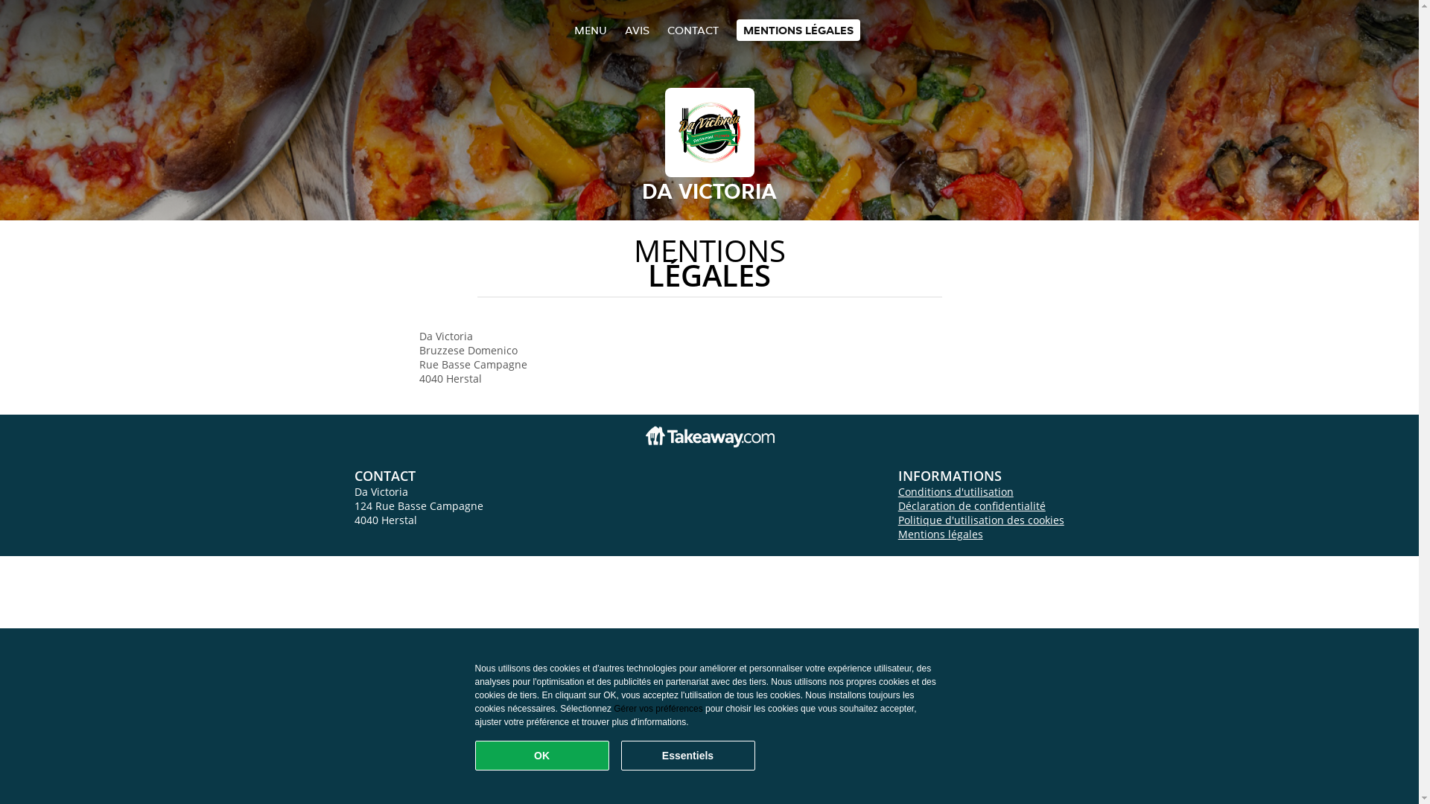  What do you see at coordinates (981, 519) in the screenshot?
I see `'Politique d'utilisation des cookies'` at bounding box center [981, 519].